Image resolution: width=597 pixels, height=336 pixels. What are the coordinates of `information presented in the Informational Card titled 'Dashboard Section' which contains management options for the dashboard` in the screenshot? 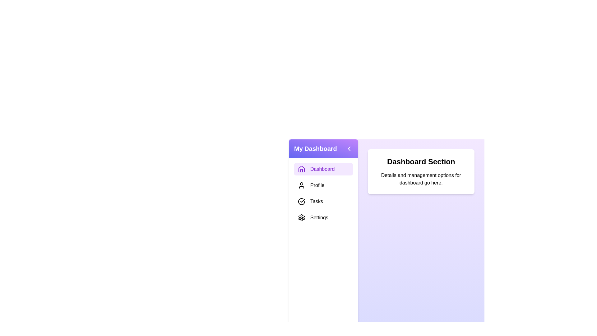 It's located at (421, 171).